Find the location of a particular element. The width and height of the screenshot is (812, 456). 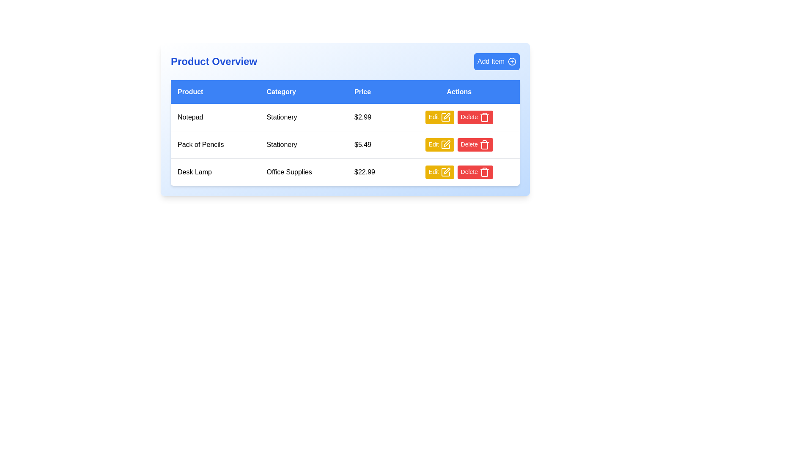

the pen icon located within the 'Edit' button of the 'Actions' column in the first row for the 'Notepad' entry to initiate editing is located at coordinates (445, 117).